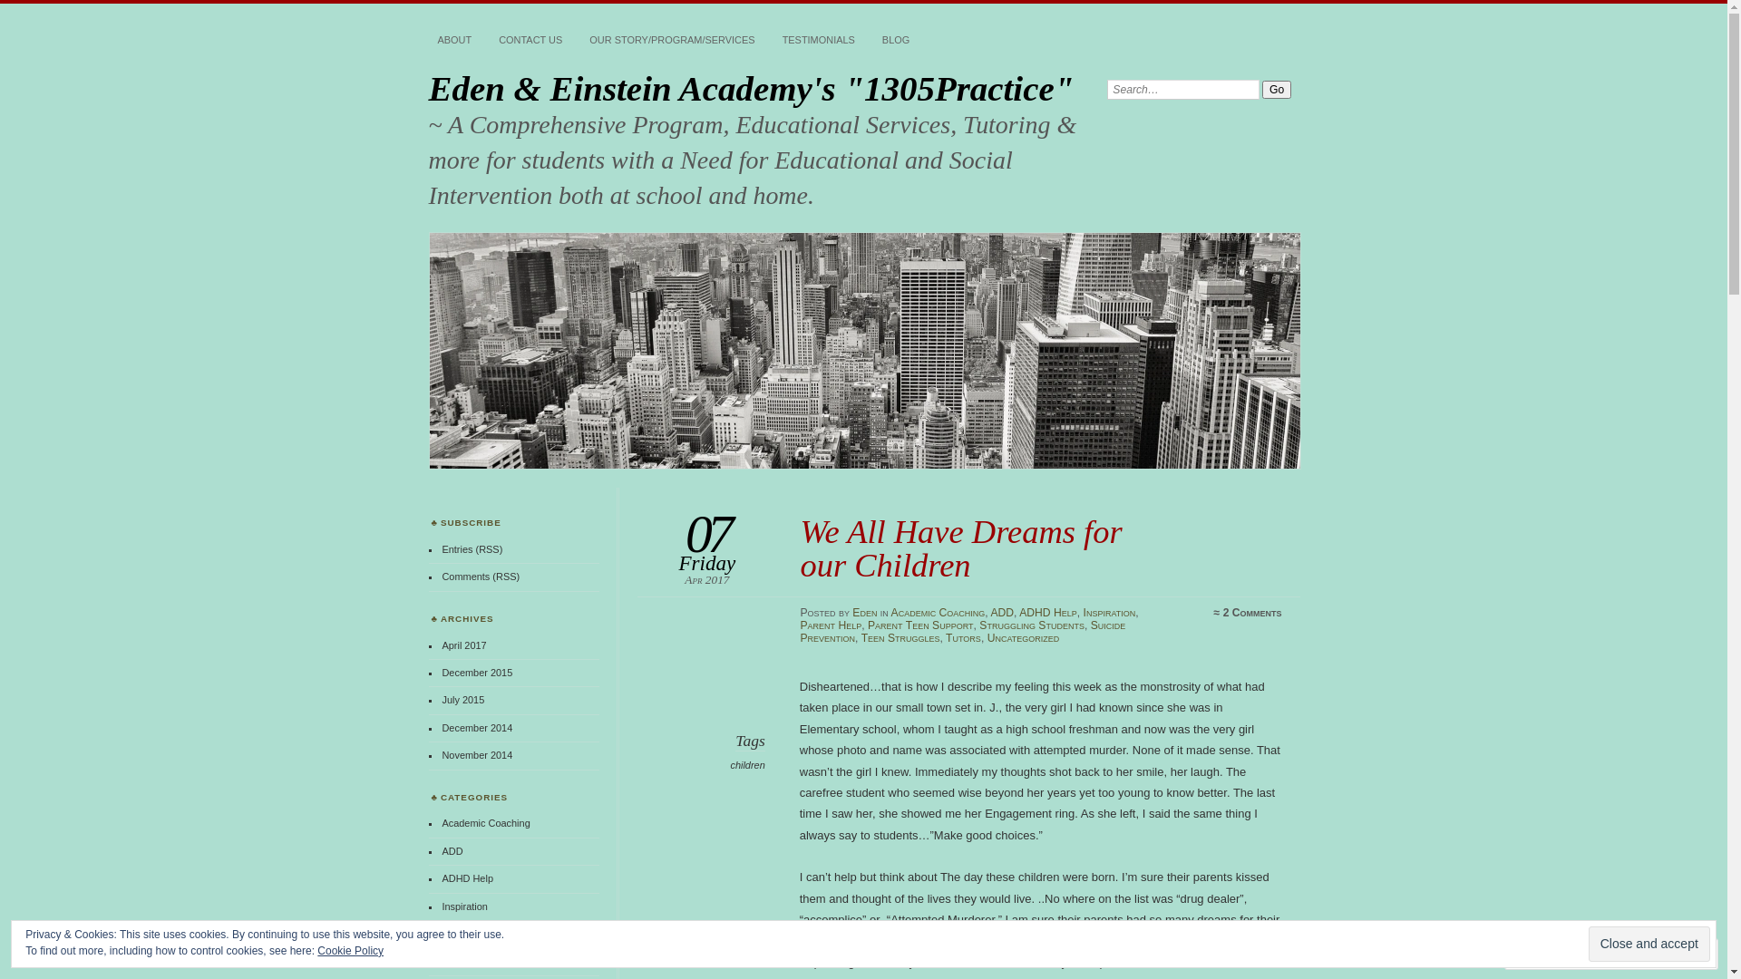  I want to click on 'Suicide Prevention', so click(961, 631).